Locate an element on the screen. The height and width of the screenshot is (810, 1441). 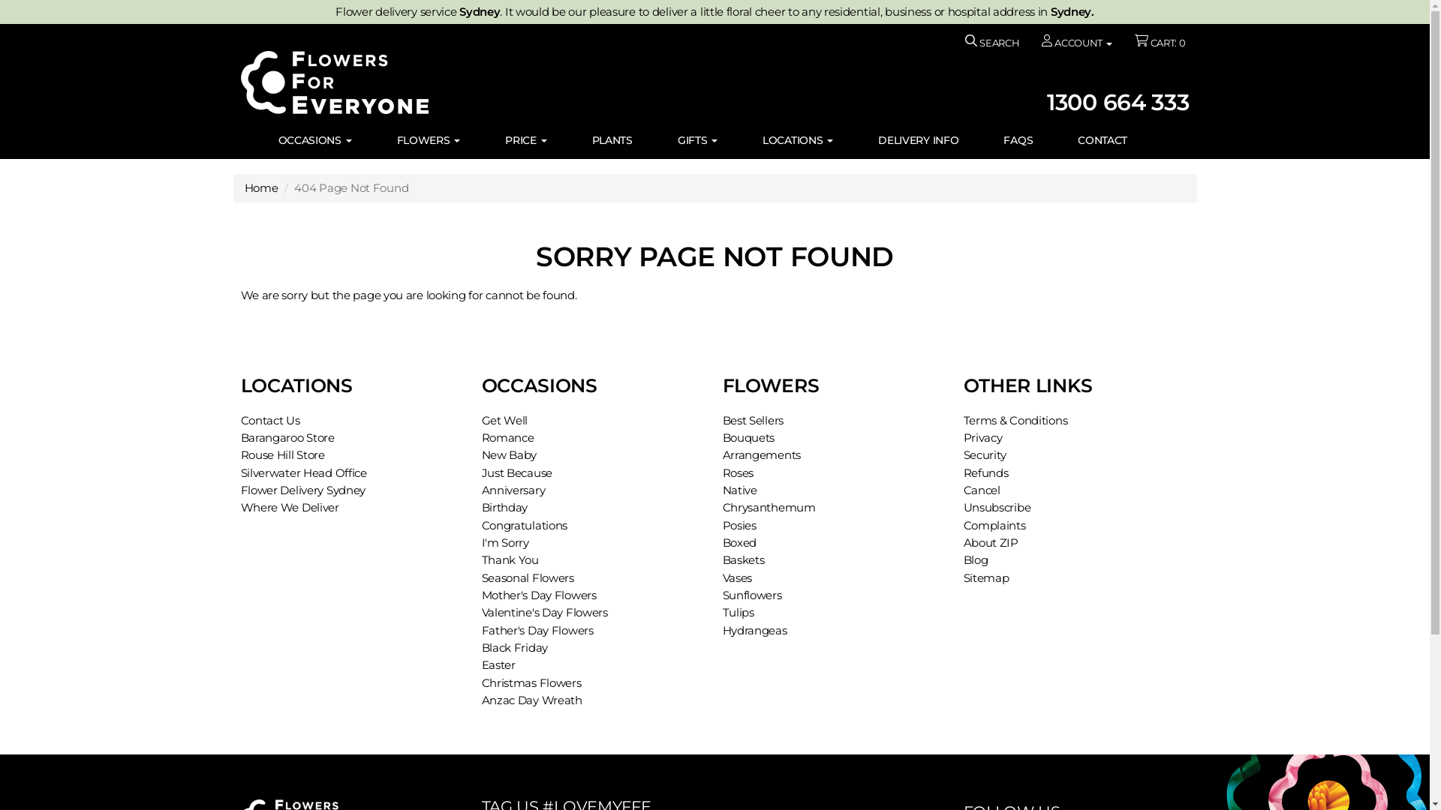
'Sitemap' is located at coordinates (986, 577).